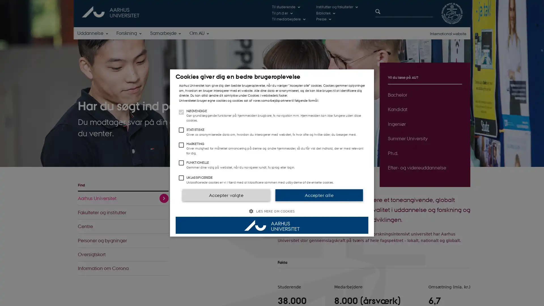 The height and width of the screenshot is (306, 544). What do you see at coordinates (319, 194) in the screenshot?
I see `Accepter alle` at bounding box center [319, 194].